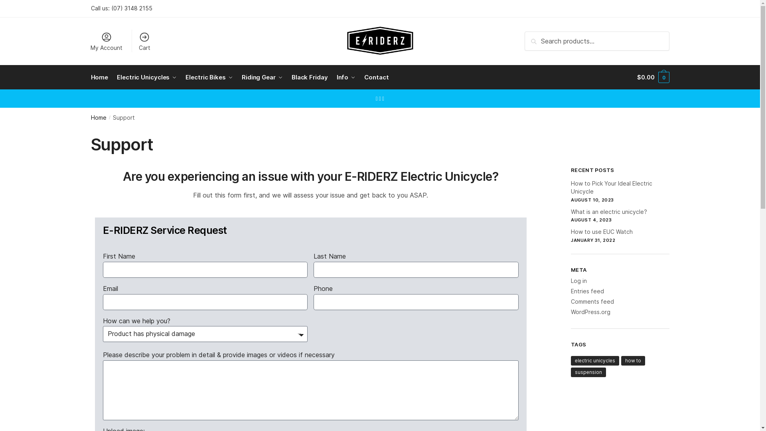 This screenshot has width=766, height=431. What do you see at coordinates (113, 77) in the screenshot?
I see `'Electric Unicycles'` at bounding box center [113, 77].